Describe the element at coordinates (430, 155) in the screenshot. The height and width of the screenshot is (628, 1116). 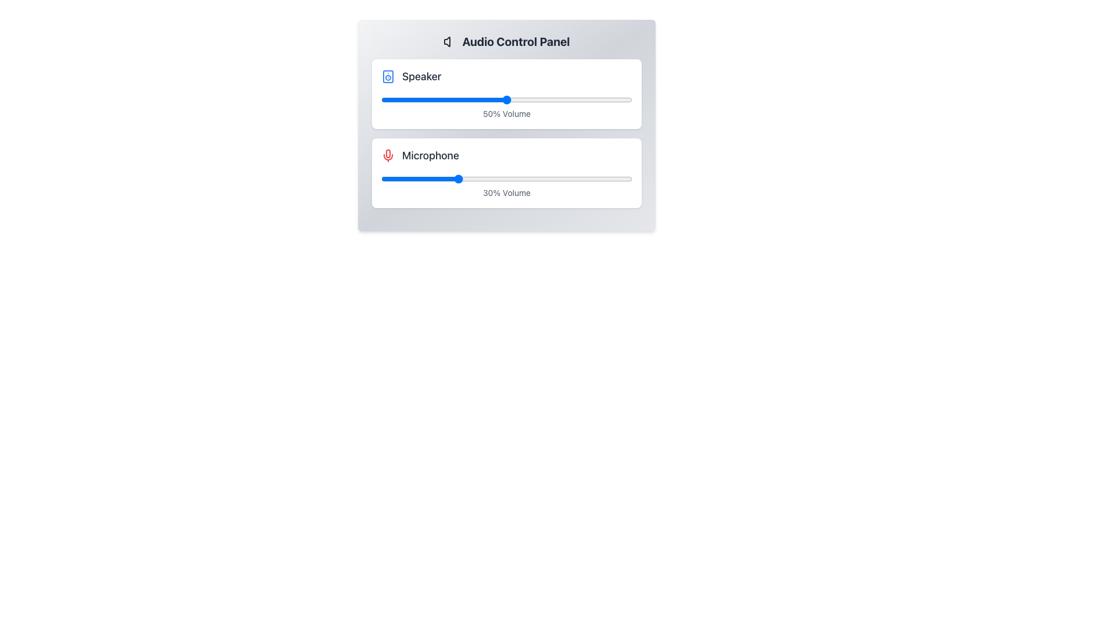
I see `the second text label that indicates the microphone volume control, located beneath the 'Speaker' section` at that location.